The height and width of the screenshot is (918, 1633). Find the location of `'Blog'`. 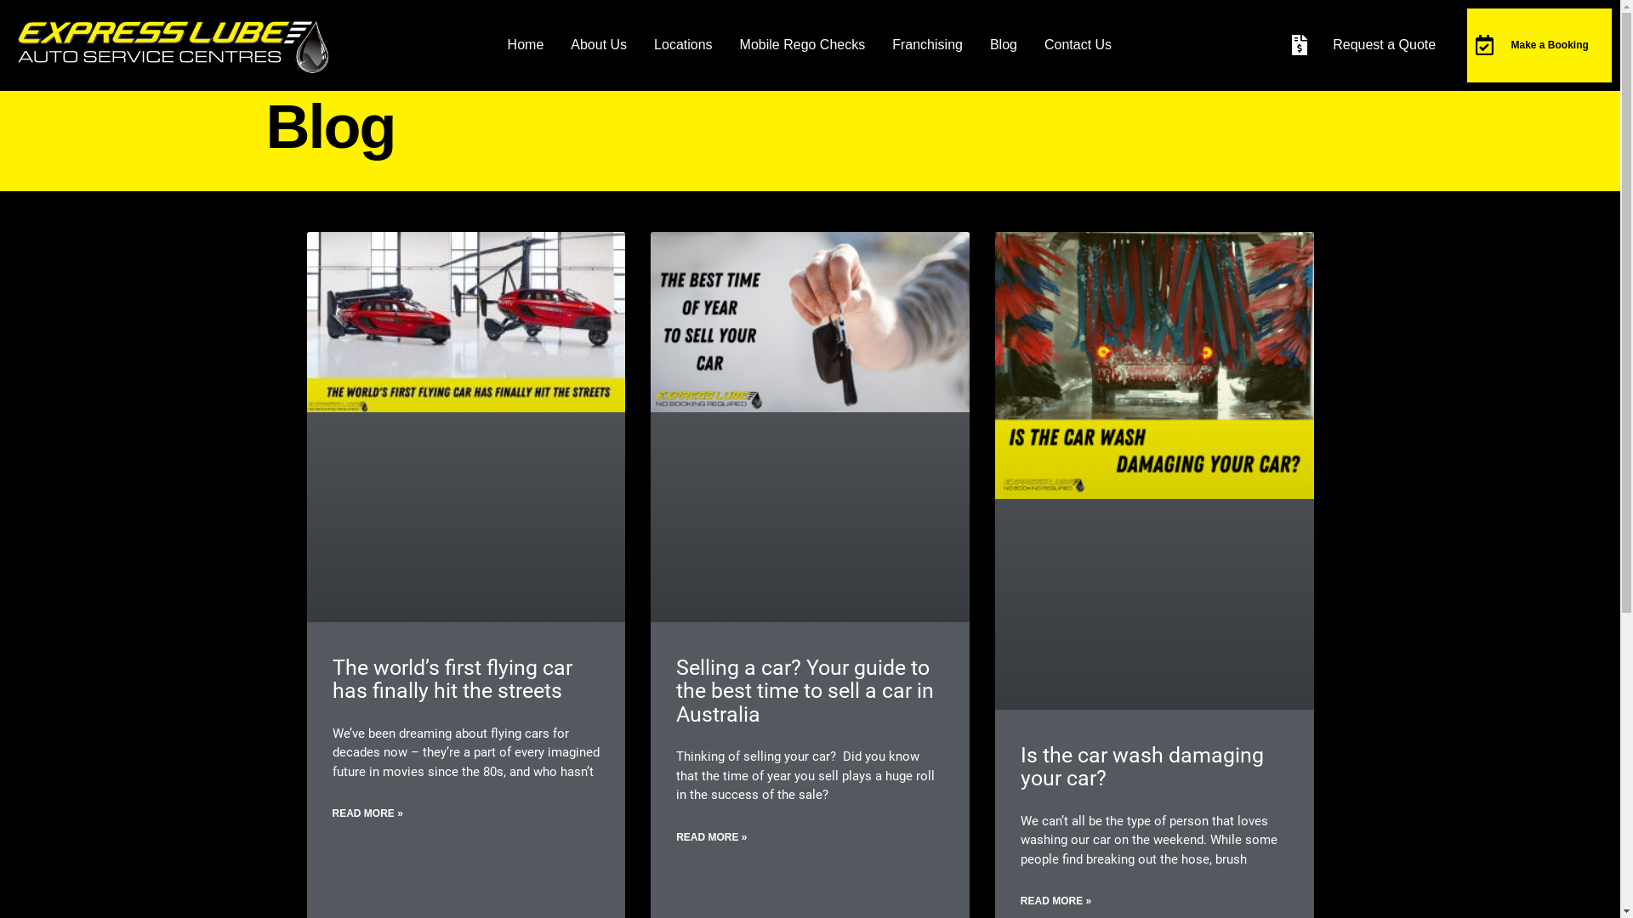

'Blog' is located at coordinates (1004, 44).